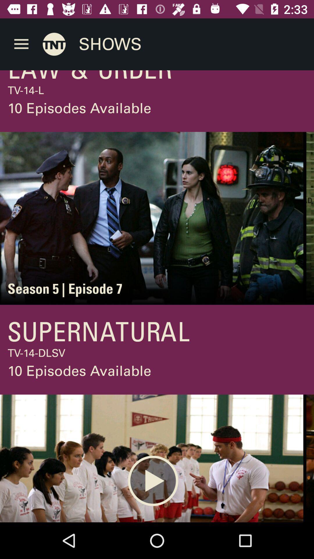 Image resolution: width=314 pixels, height=559 pixels. Describe the element at coordinates (21, 44) in the screenshot. I see `item above the law & order icon` at that location.